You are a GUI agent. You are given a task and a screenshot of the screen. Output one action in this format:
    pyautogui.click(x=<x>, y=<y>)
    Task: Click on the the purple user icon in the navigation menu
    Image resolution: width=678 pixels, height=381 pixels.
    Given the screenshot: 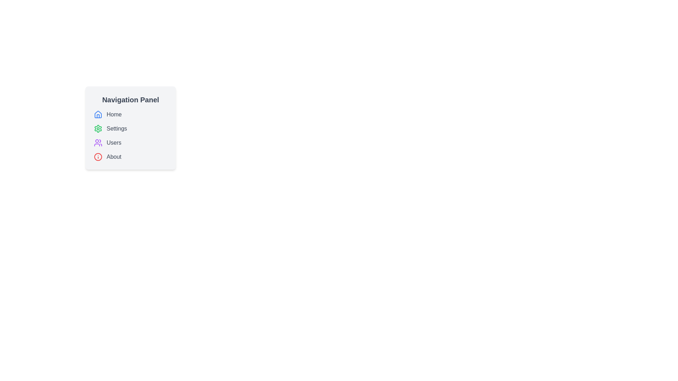 What is the action you would take?
    pyautogui.click(x=98, y=143)
    